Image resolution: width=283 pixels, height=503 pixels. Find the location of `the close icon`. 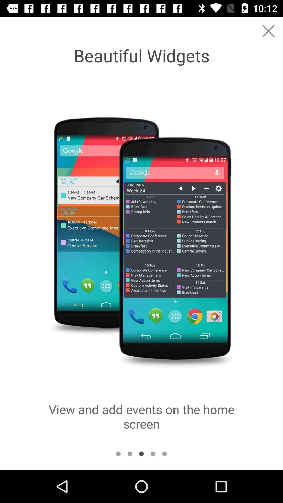

the close icon is located at coordinates (268, 31).